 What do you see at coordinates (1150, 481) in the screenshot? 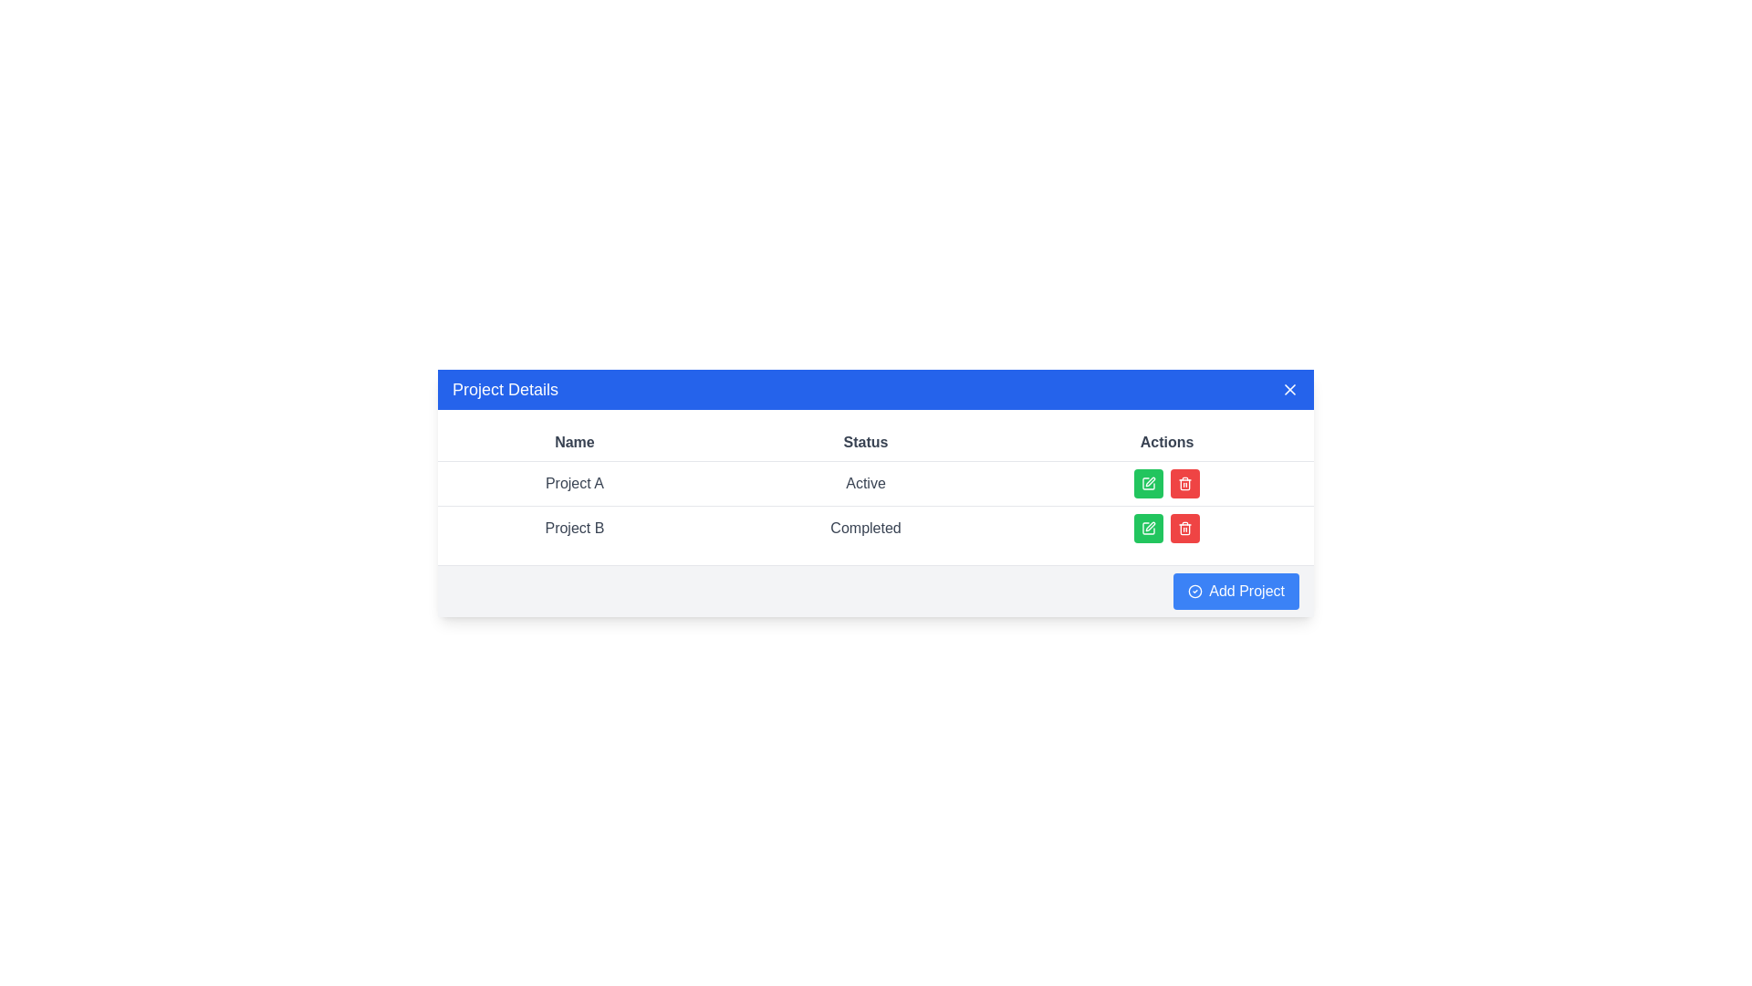
I see `the small pen or pencil icon located in the 'Actions' column of the 'Project B' row in the displayed table` at bounding box center [1150, 481].